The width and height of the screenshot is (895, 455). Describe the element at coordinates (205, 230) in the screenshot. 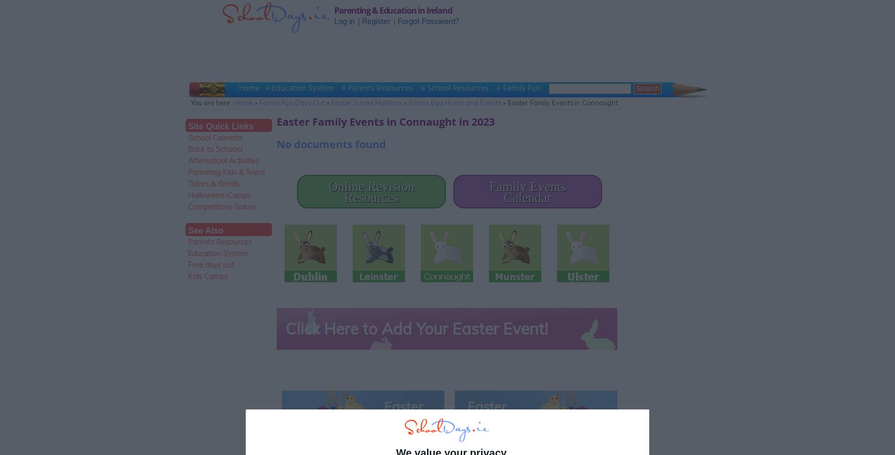

I see `'See Also'` at that location.